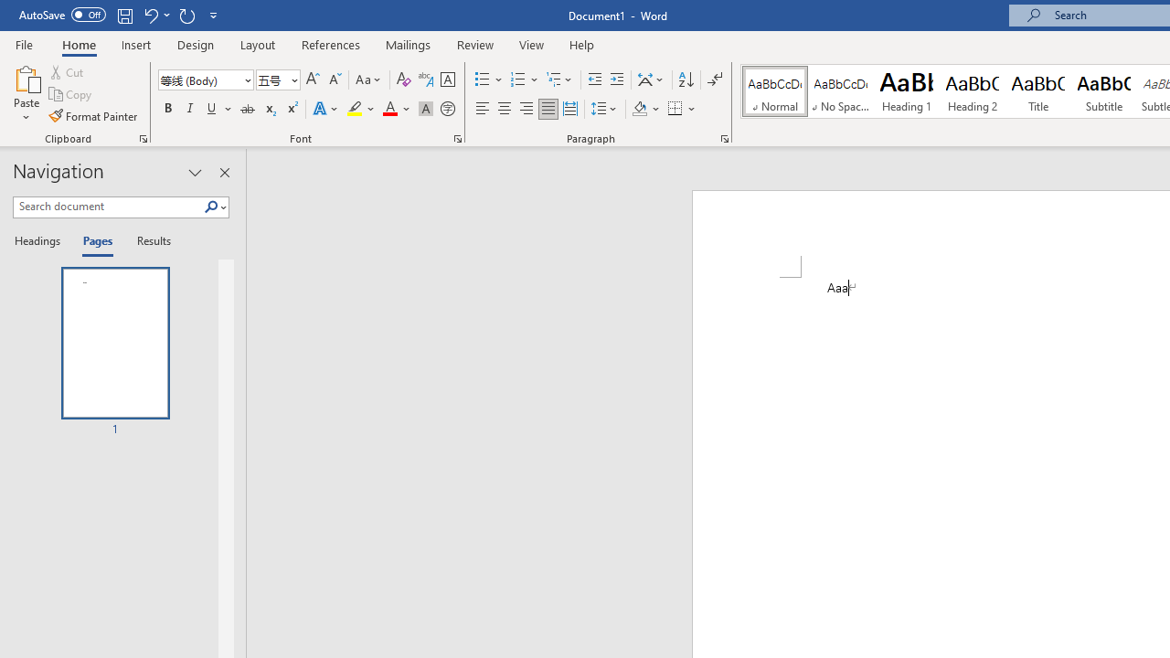 This screenshot has height=658, width=1170. What do you see at coordinates (1038, 91) in the screenshot?
I see `'Title'` at bounding box center [1038, 91].